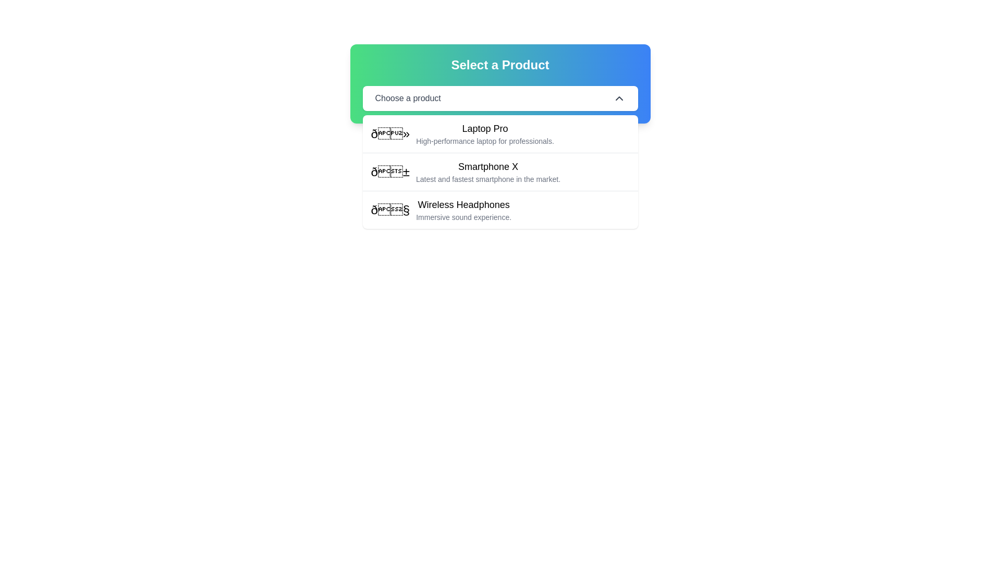 Image resolution: width=1001 pixels, height=563 pixels. I want to click on the 'Wireless Headphones' menu item in the 'Select a Product' dropdown list, so click(441, 210).